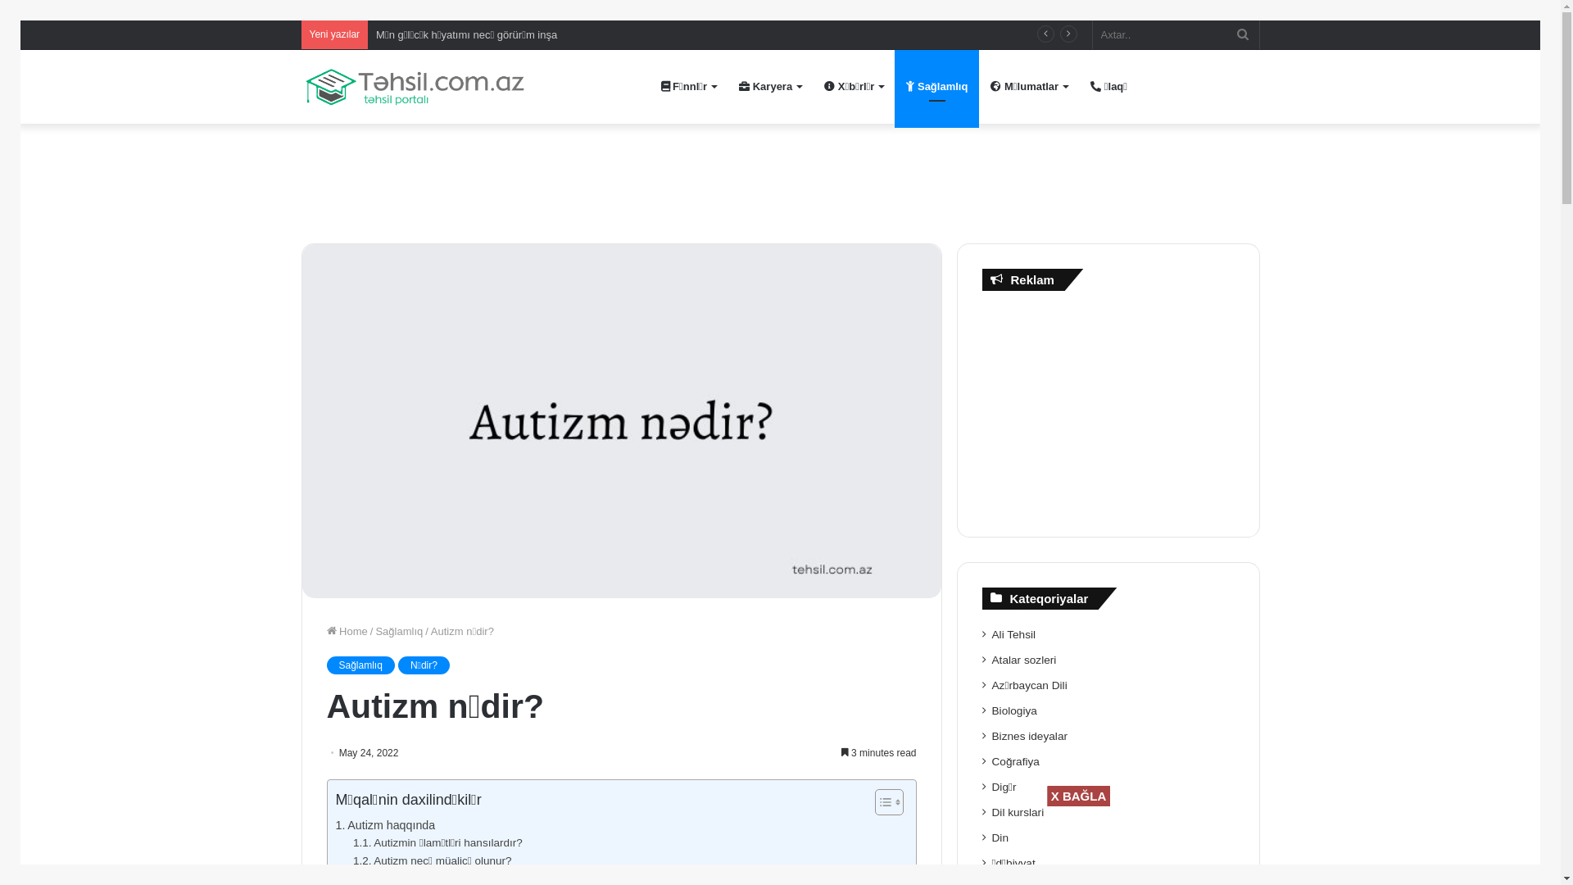  What do you see at coordinates (769, 86) in the screenshot?
I see `'Karyera'` at bounding box center [769, 86].